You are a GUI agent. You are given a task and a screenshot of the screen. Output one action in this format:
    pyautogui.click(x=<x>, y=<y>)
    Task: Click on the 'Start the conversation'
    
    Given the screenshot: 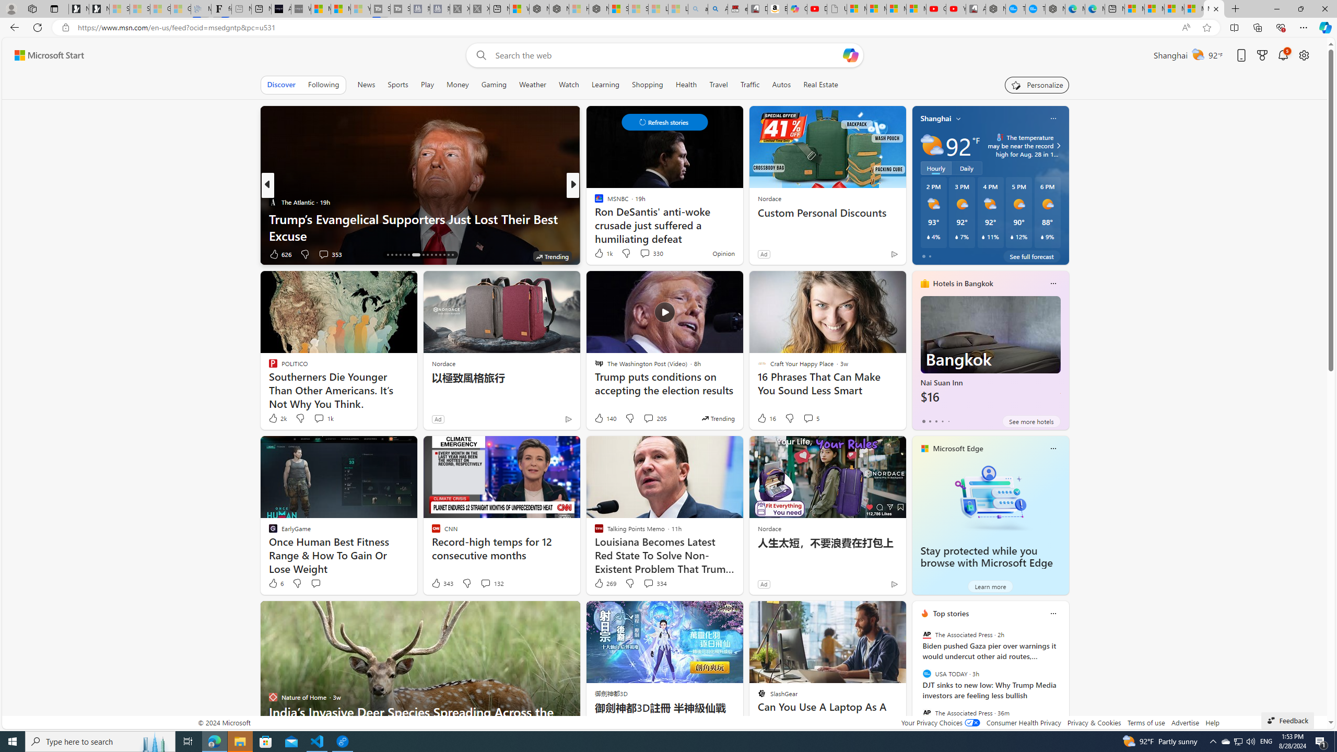 What is the action you would take?
    pyautogui.click(x=315, y=583)
    